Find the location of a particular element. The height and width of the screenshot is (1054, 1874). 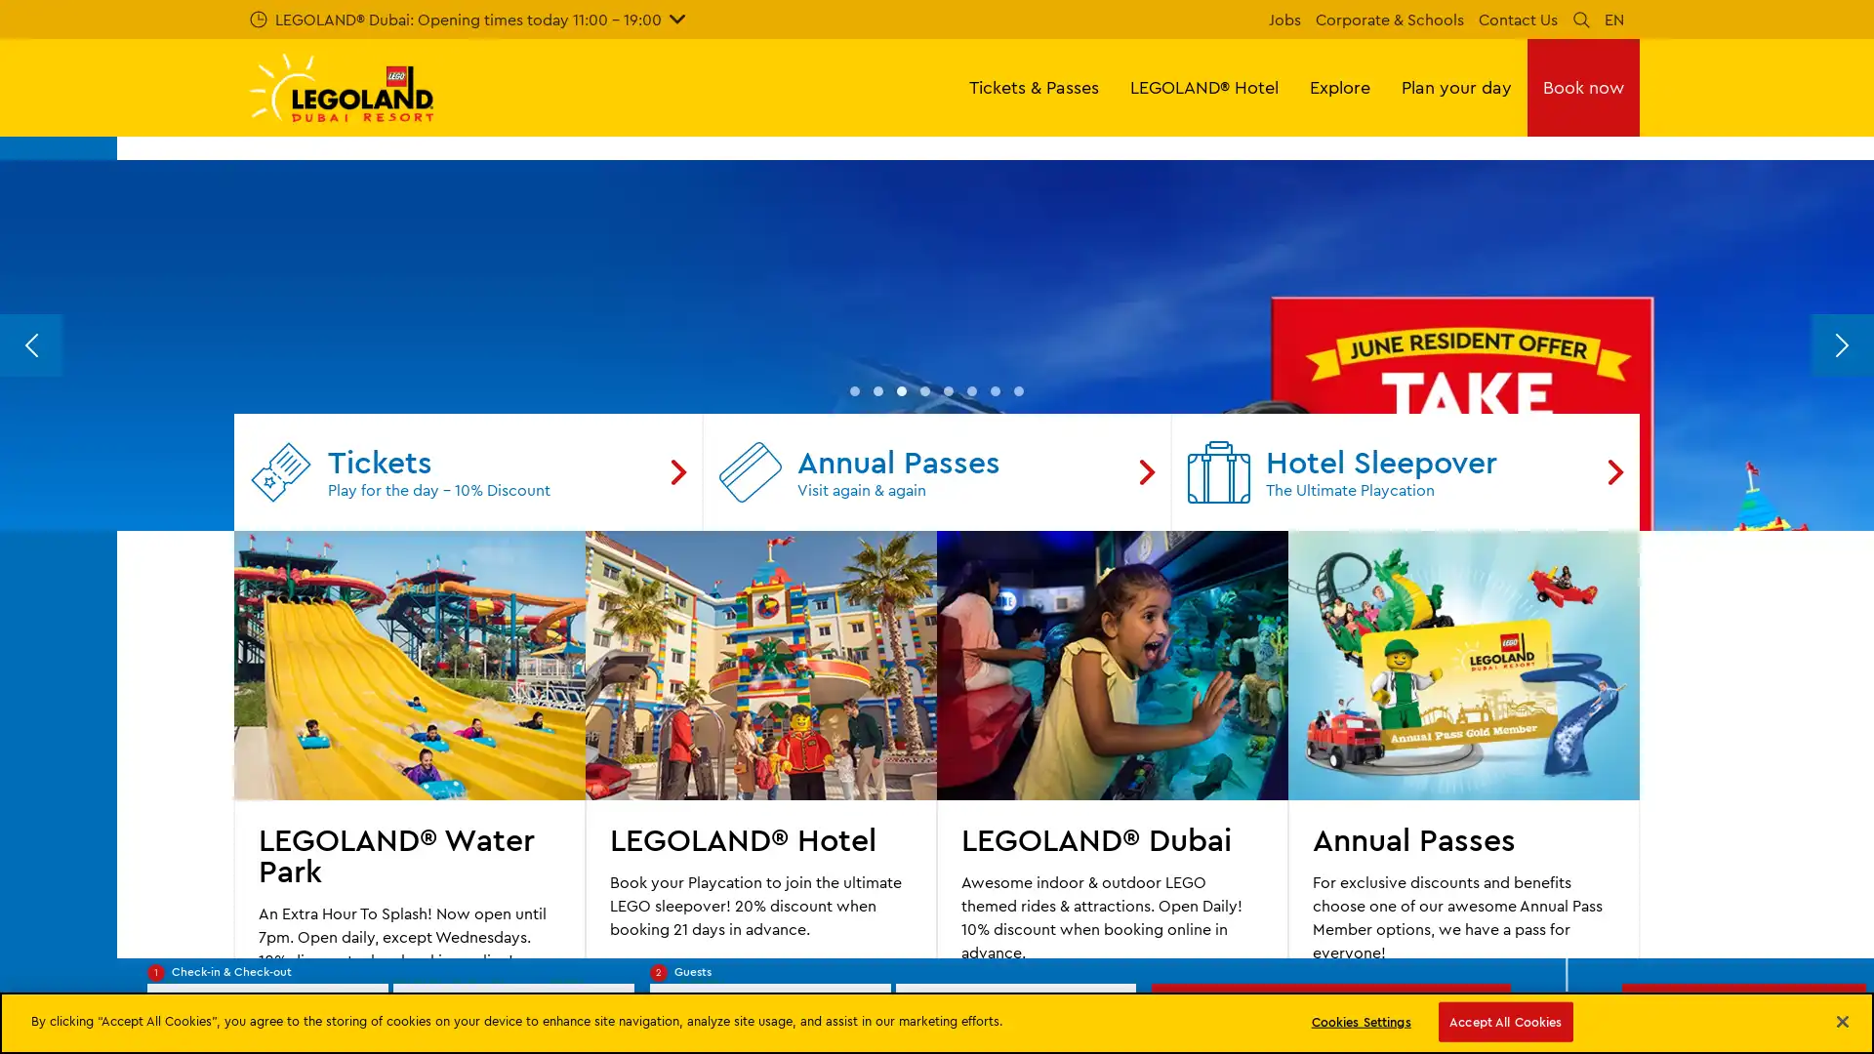

Number of children is located at coordinates (1015, 1012).